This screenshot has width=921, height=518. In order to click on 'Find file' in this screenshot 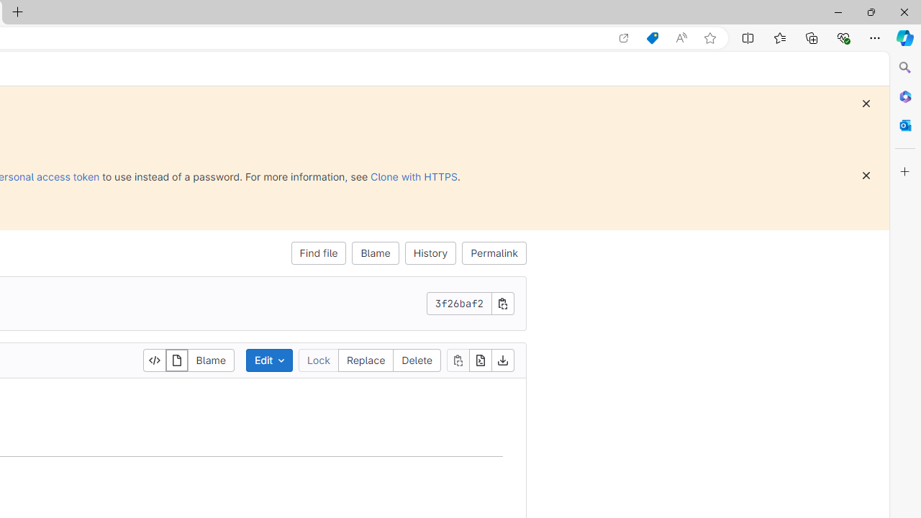, I will do `click(318, 253)`.